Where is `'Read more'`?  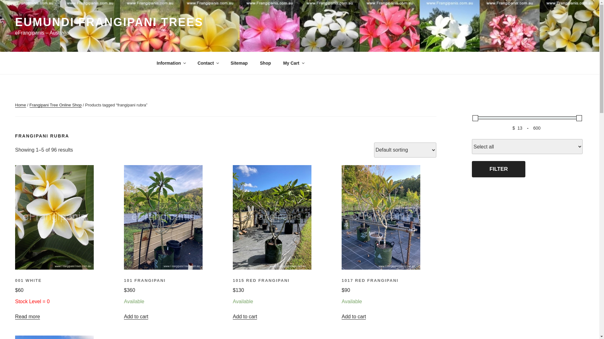 'Read more' is located at coordinates (27, 316).